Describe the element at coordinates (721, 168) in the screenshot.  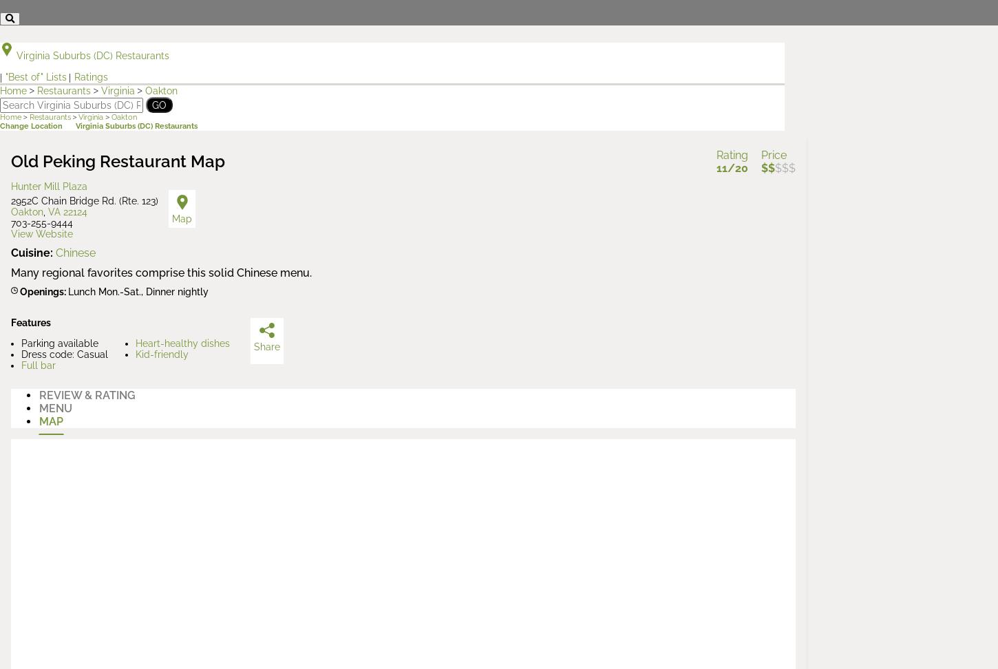
I see `'11'` at that location.